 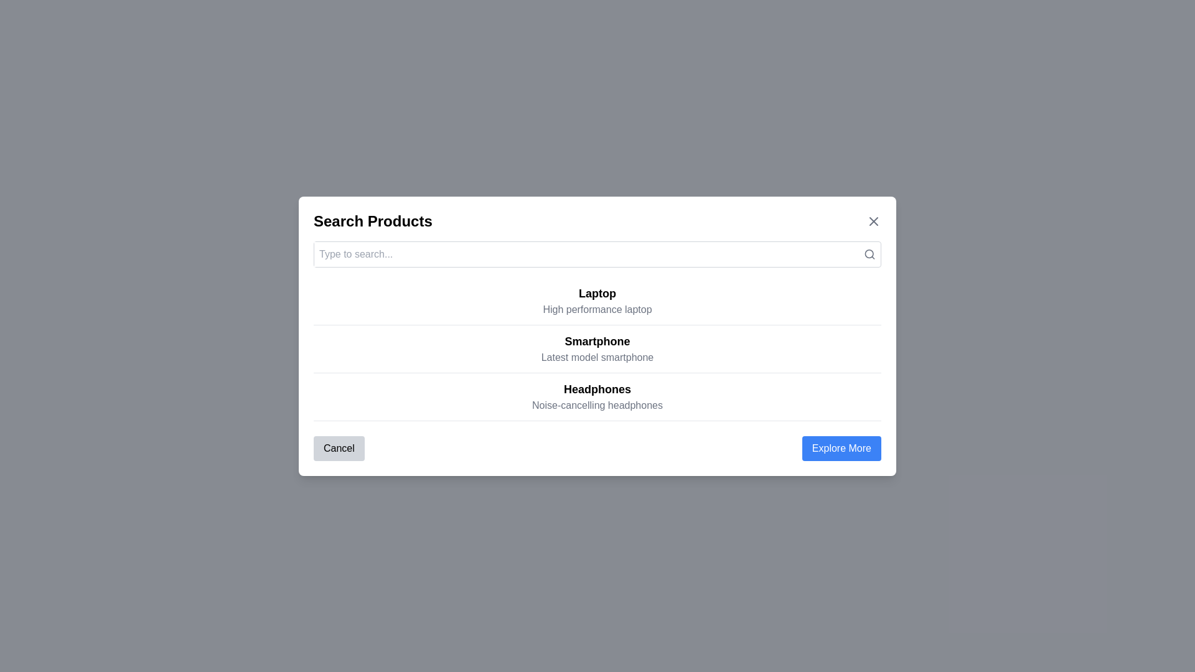 I want to click on the 'Laptop' text element, which is the first entry in a list of three, featuring bold and larger text with the description 'High performance laptop' below it, indicating it may have interactive options, so click(x=597, y=301).